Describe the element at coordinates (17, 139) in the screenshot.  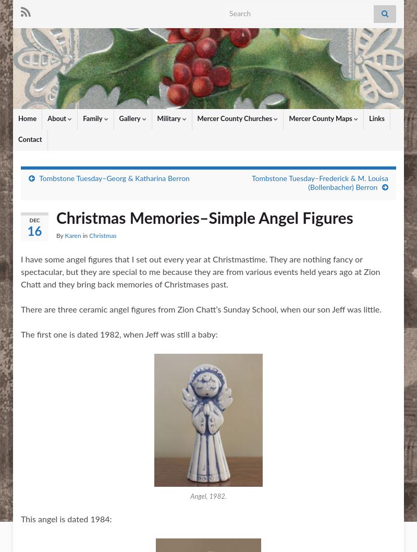
I see `'Contact'` at that location.